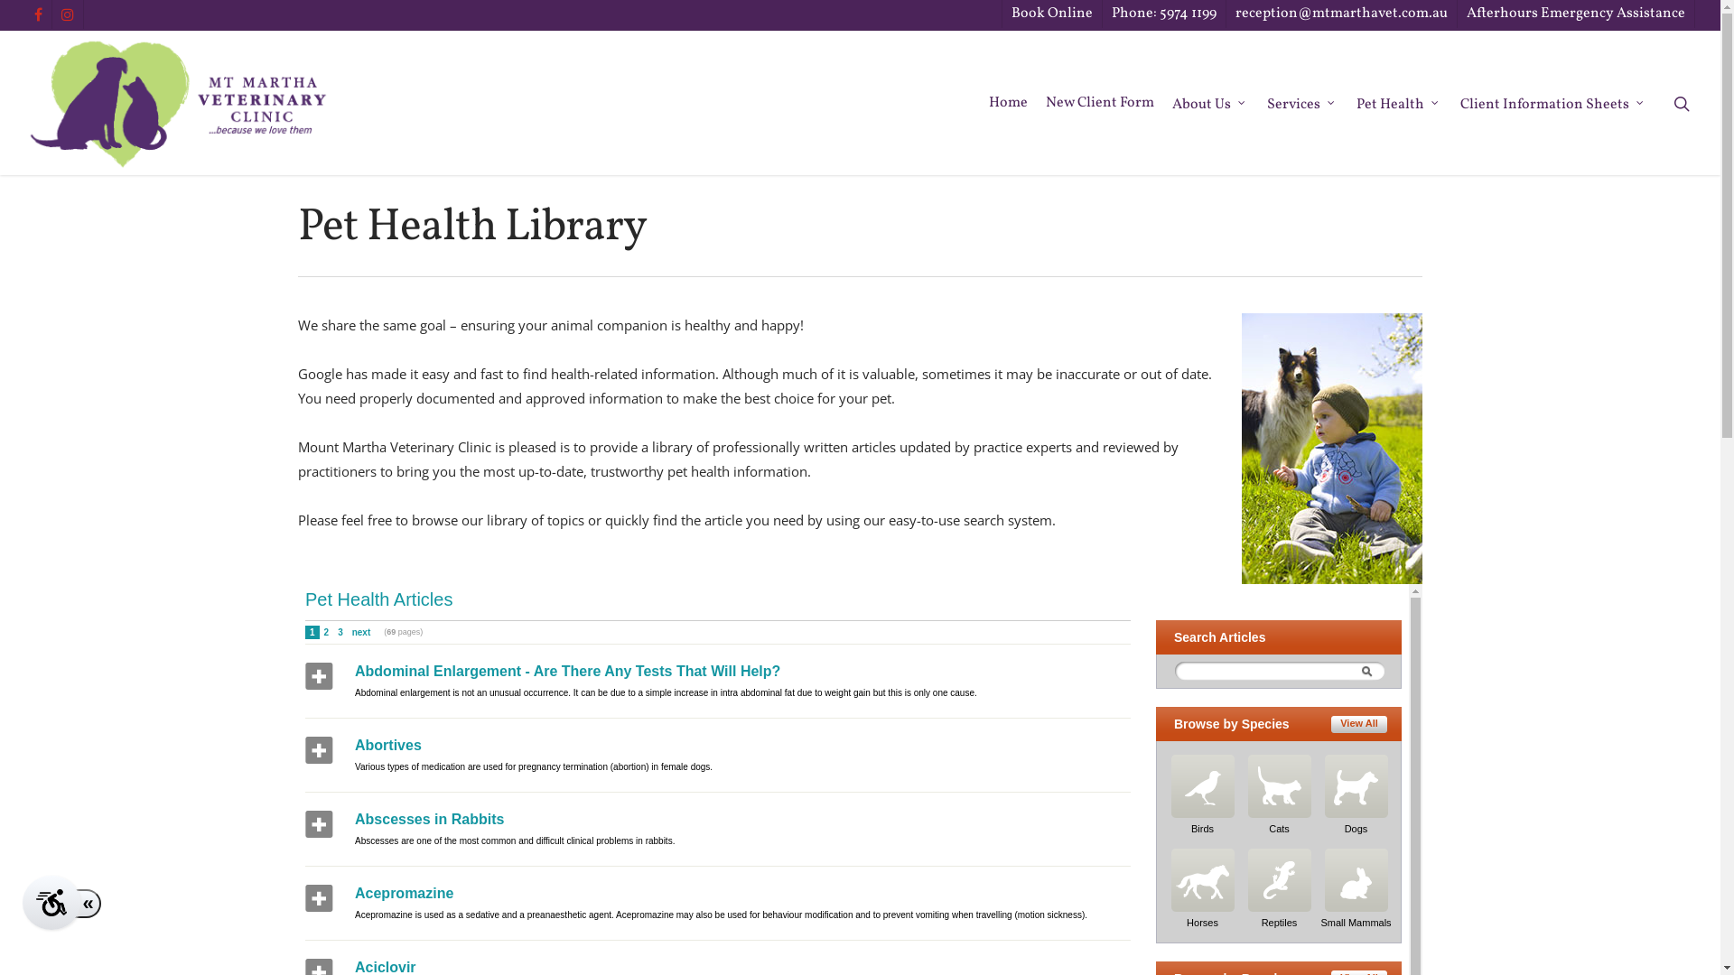  Describe the element at coordinates (1340, 14) in the screenshot. I see `'reception@mtmarthavet.com.au'` at that location.